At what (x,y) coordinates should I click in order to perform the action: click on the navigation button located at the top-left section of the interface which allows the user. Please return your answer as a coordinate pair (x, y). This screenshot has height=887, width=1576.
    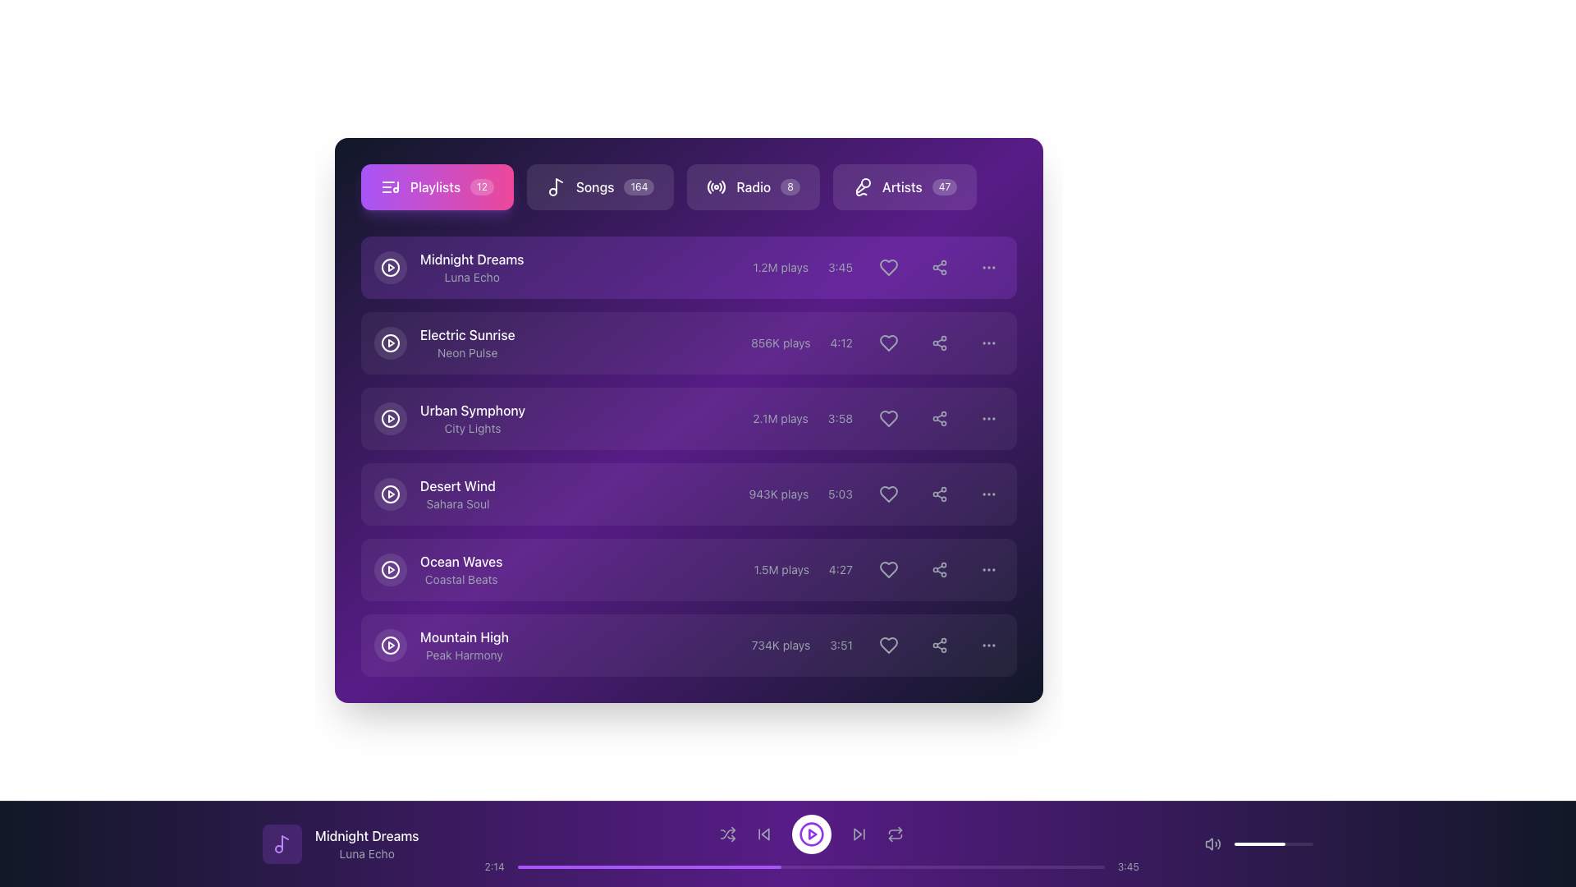
    Looking at the image, I should click on (437, 186).